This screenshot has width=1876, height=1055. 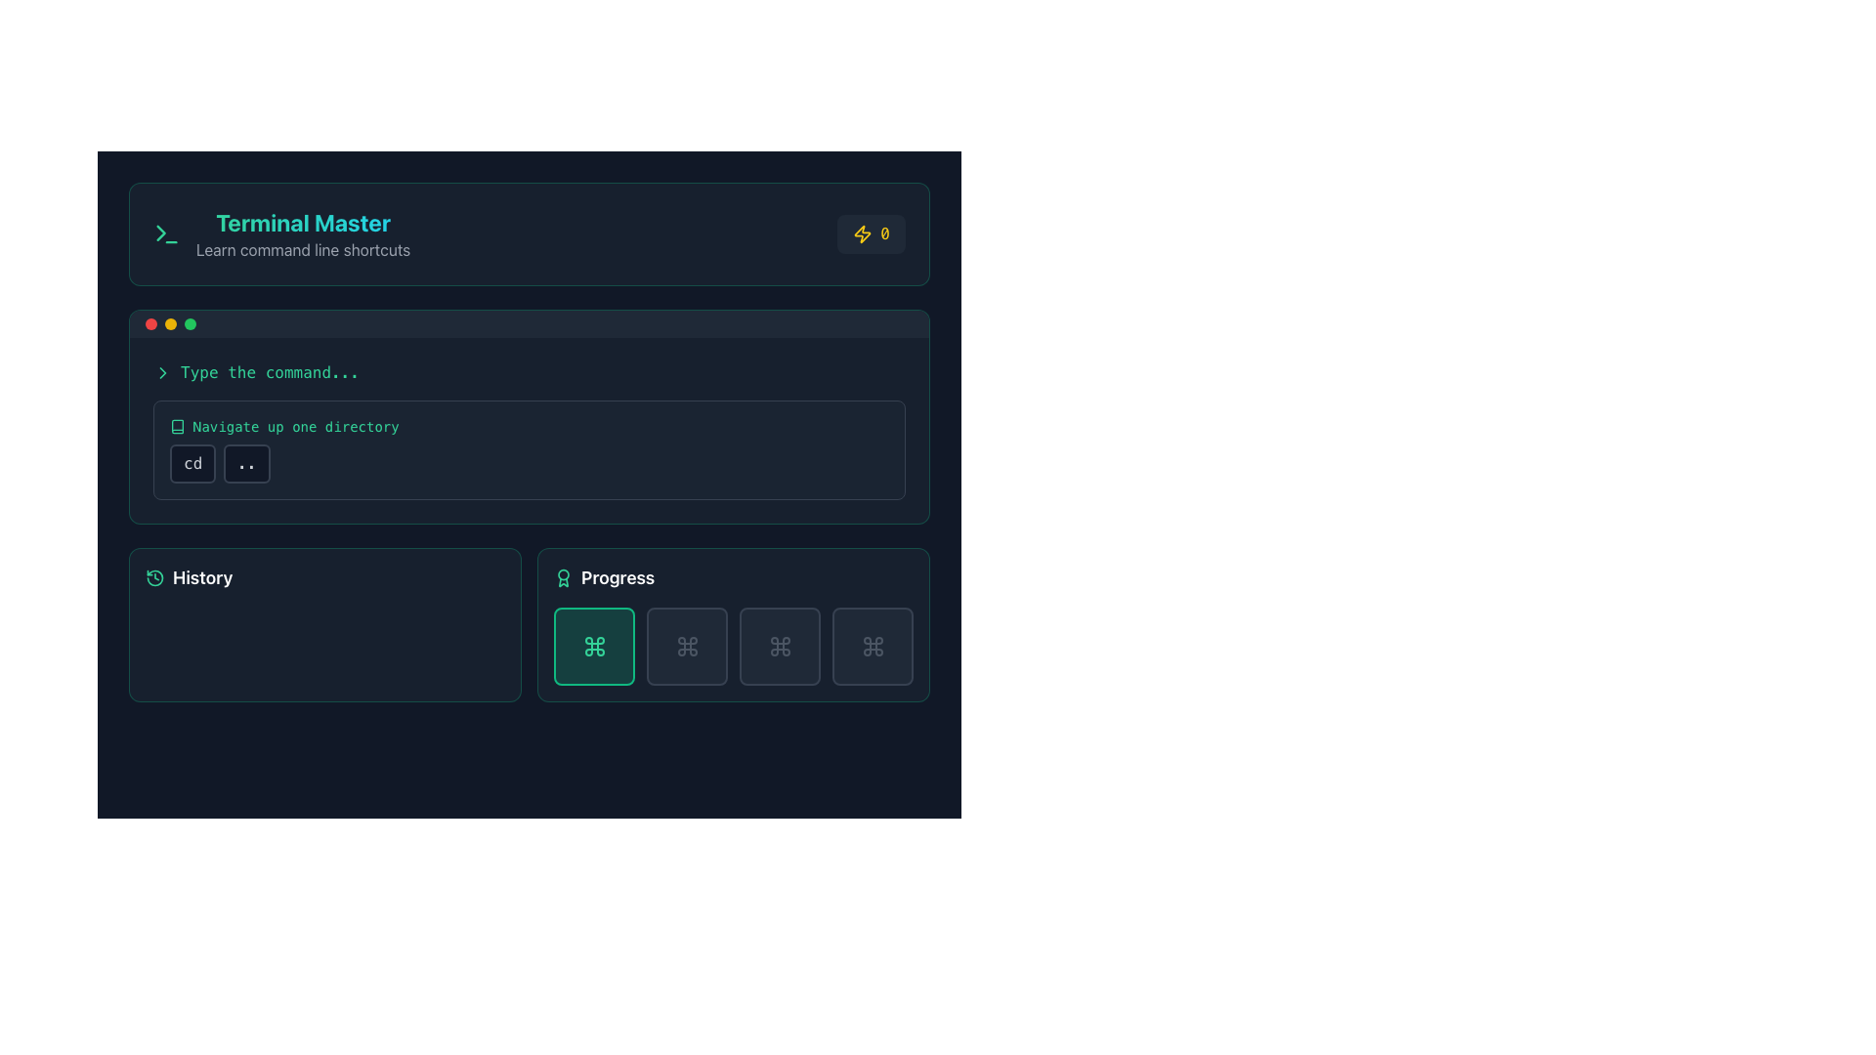 What do you see at coordinates (779, 647) in the screenshot?
I see `the third button in the 'Progress' section, which is located between the second and fourth buttons` at bounding box center [779, 647].